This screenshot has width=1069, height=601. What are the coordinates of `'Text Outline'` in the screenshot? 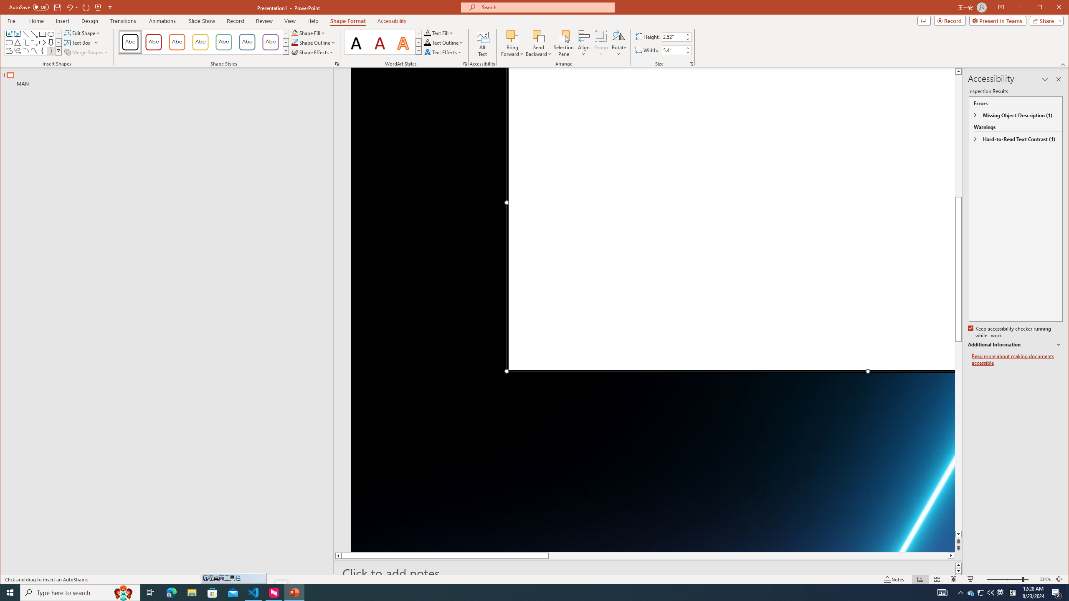 It's located at (444, 43).